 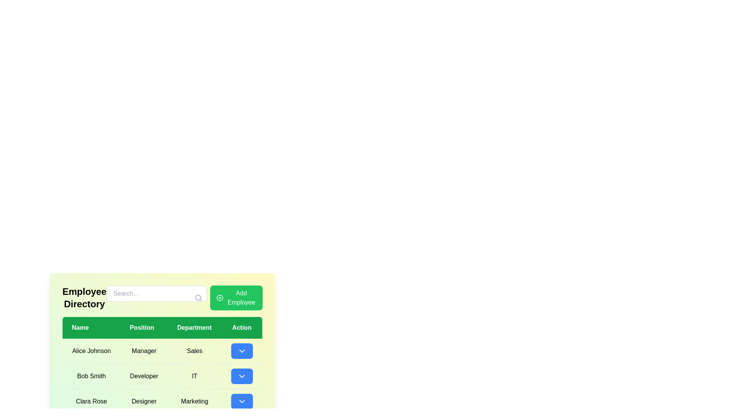 What do you see at coordinates (241, 376) in the screenshot?
I see `the downward-pointing chevron icon with blue outlines inside the blue rectangular button in the 'Action' column of the second row of the table` at bounding box center [241, 376].